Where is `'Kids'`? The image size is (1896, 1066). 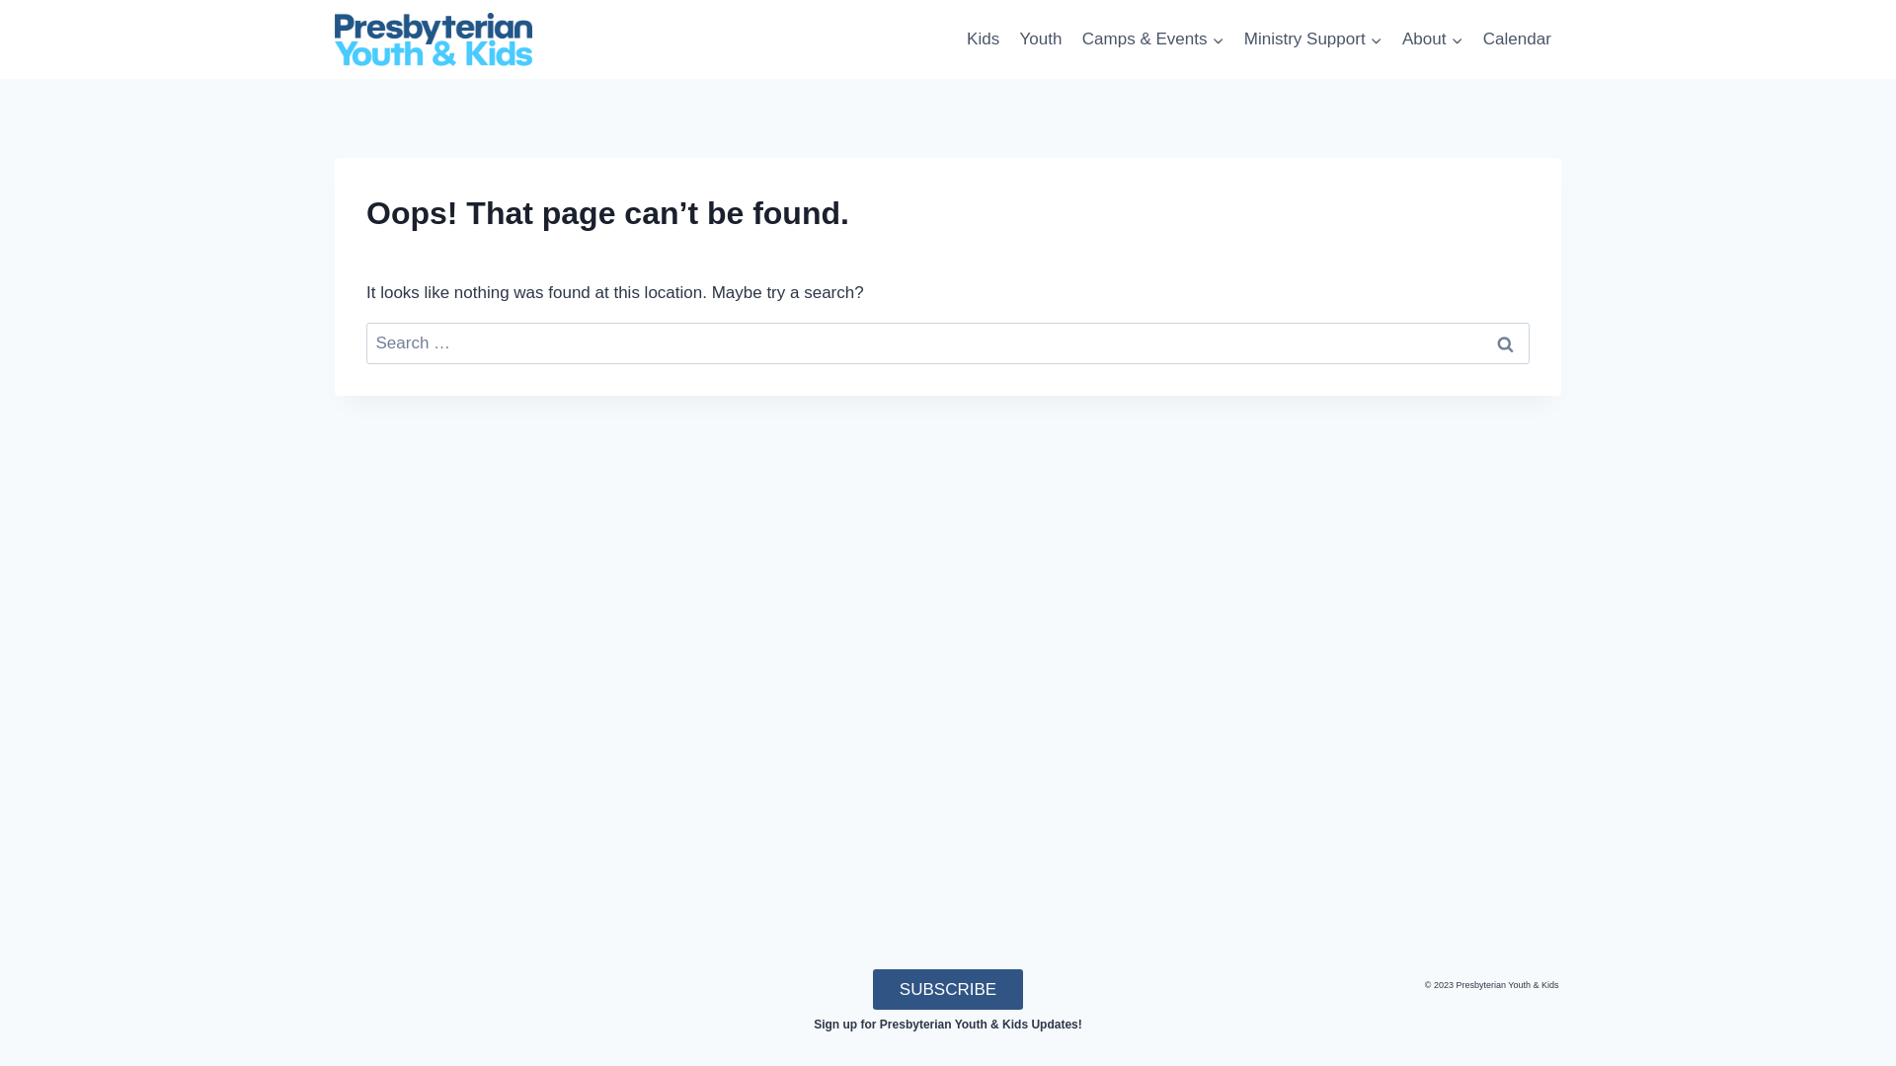
'Kids' is located at coordinates (983, 38).